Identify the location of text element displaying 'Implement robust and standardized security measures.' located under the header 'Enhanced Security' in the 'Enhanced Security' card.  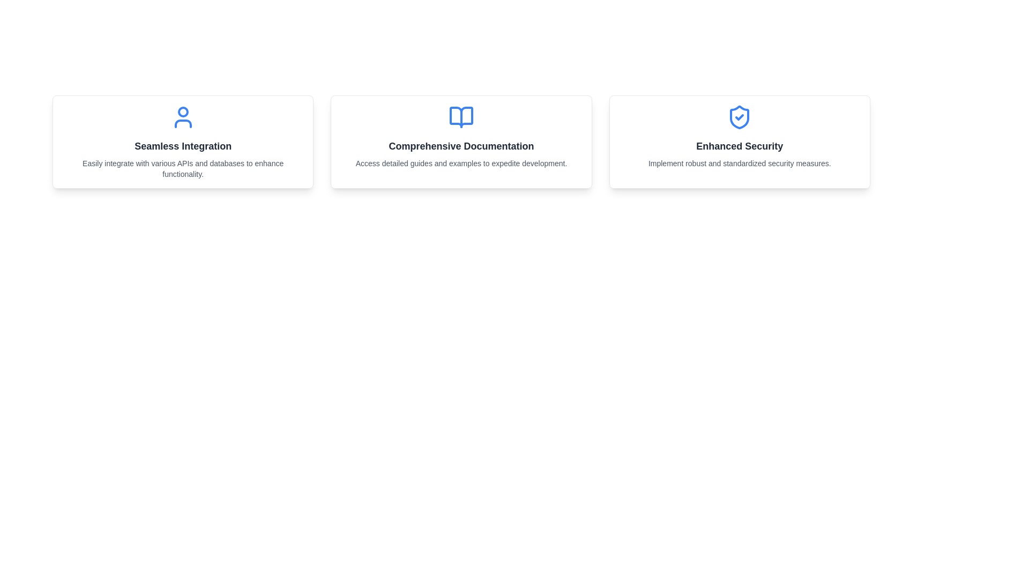
(739, 163).